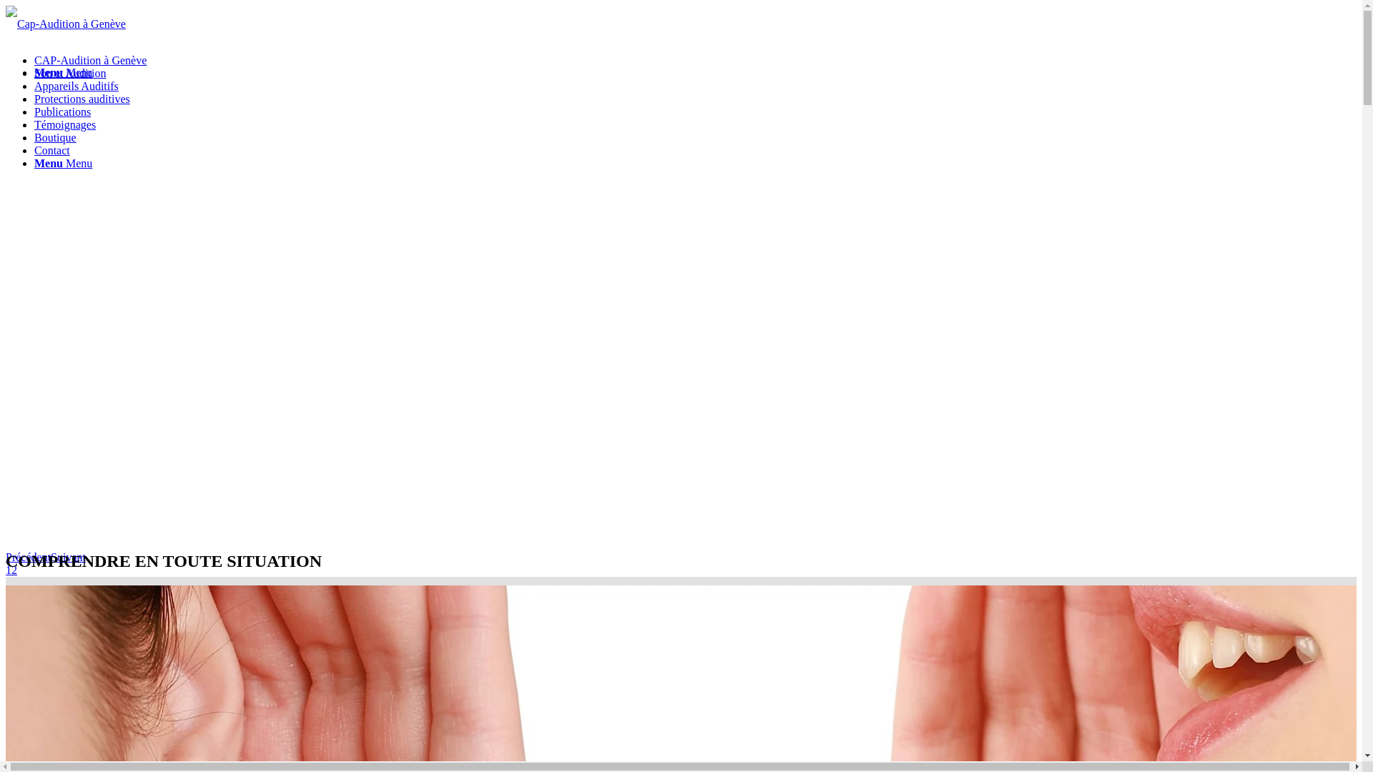 The width and height of the screenshot is (1373, 772). What do you see at coordinates (61, 111) in the screenshot?
I see `'Publications'` at bounding box center [61, 111].